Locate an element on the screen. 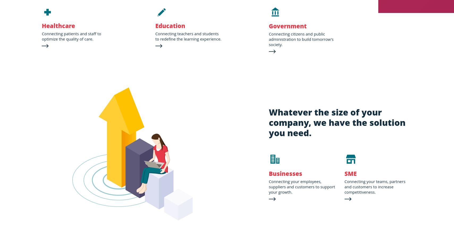 The image size is (454, 227). 'Connecting citizens and public administration to build tomorrow's society.' is located at coordinates (269, 39).